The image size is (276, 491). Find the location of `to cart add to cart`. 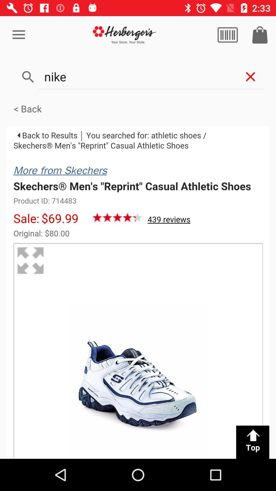

to cart add to cart is located at coordinates (260, 35).